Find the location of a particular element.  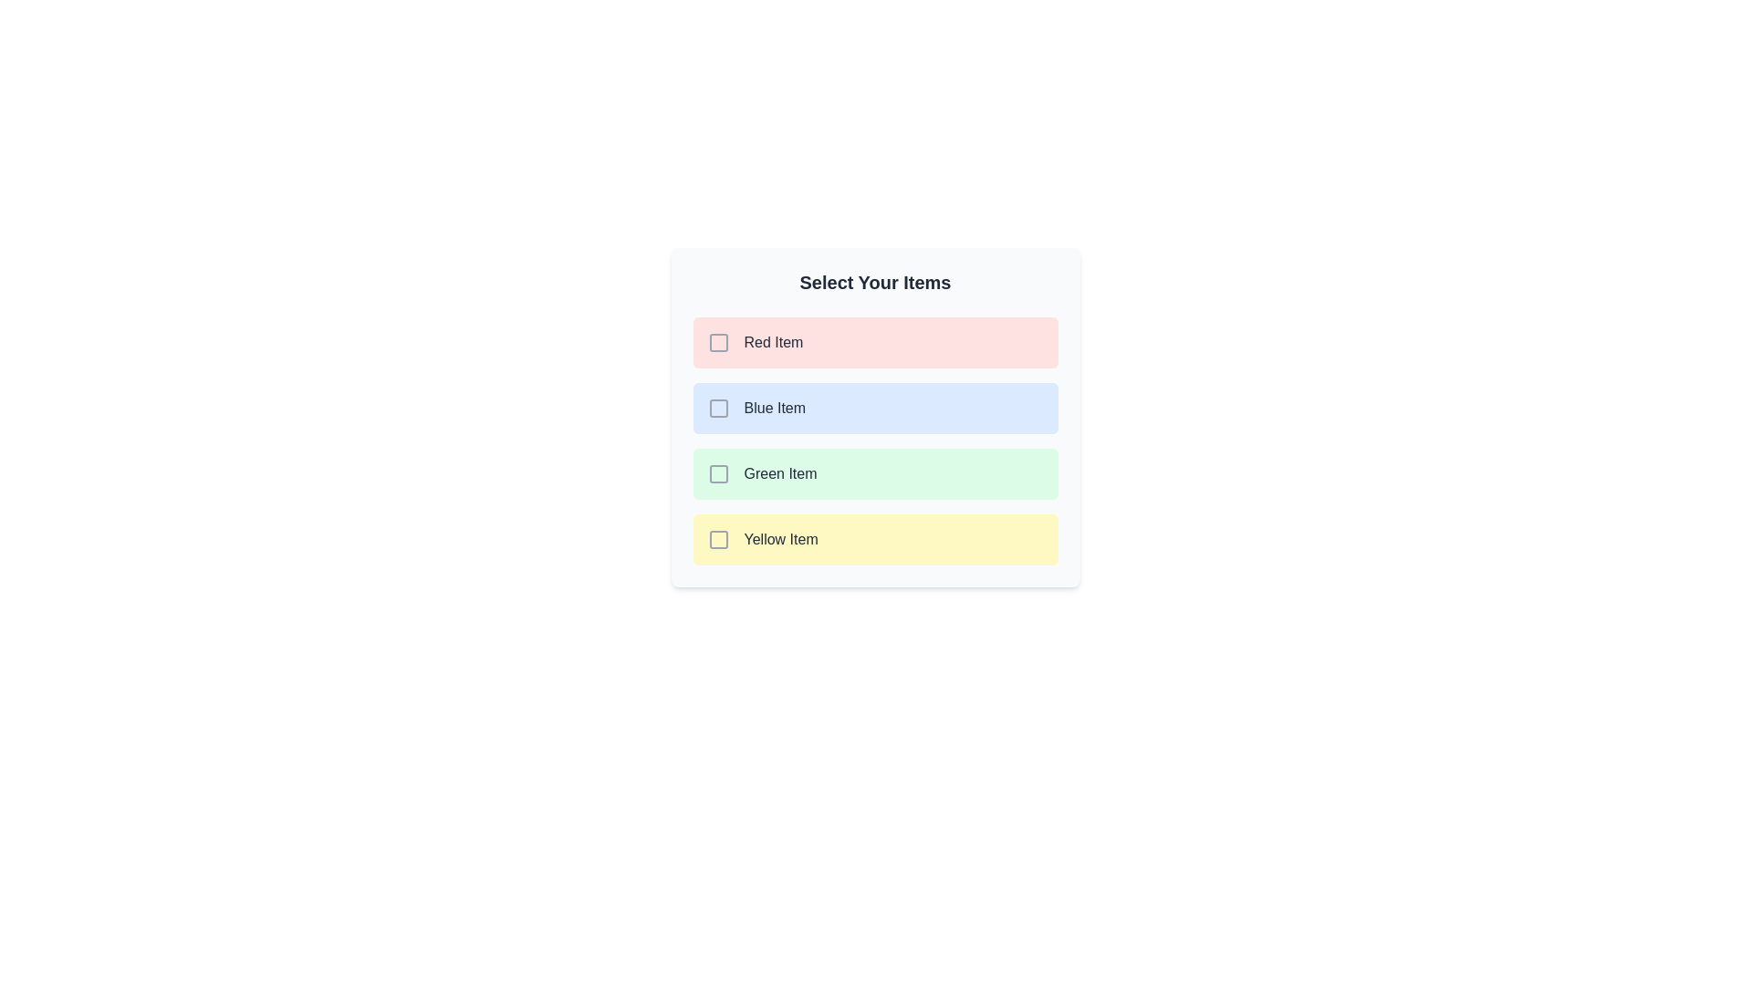

the item Green Item is located at coordinates (874, 473).